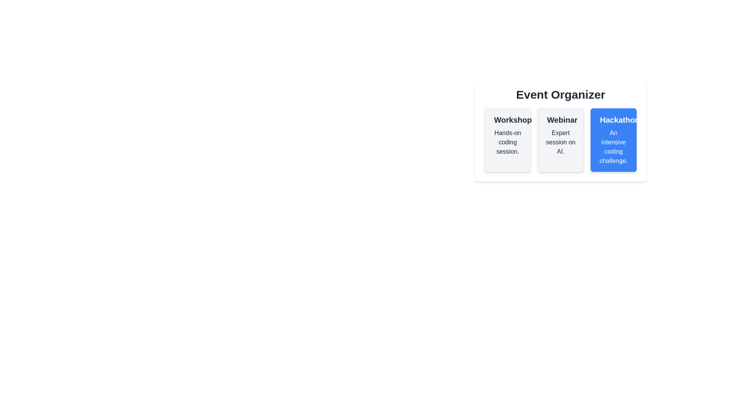 This screenshot has width=744, height=418. I want to click on the event card labeled Hackathon, so click(613, 140).